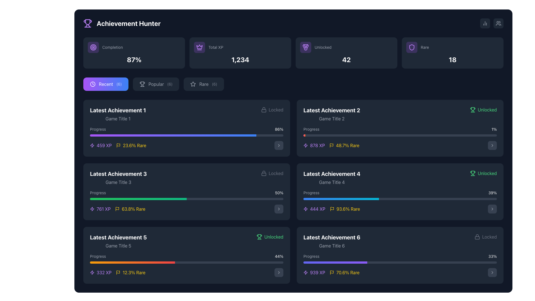  Describe the element at coordinates (332, 114) in the screenshot. I see `the text label displaying 'Latest Achievement 2' and 'Game Title 2' in the second column of the first row under the 'Recent' tab` at that location.